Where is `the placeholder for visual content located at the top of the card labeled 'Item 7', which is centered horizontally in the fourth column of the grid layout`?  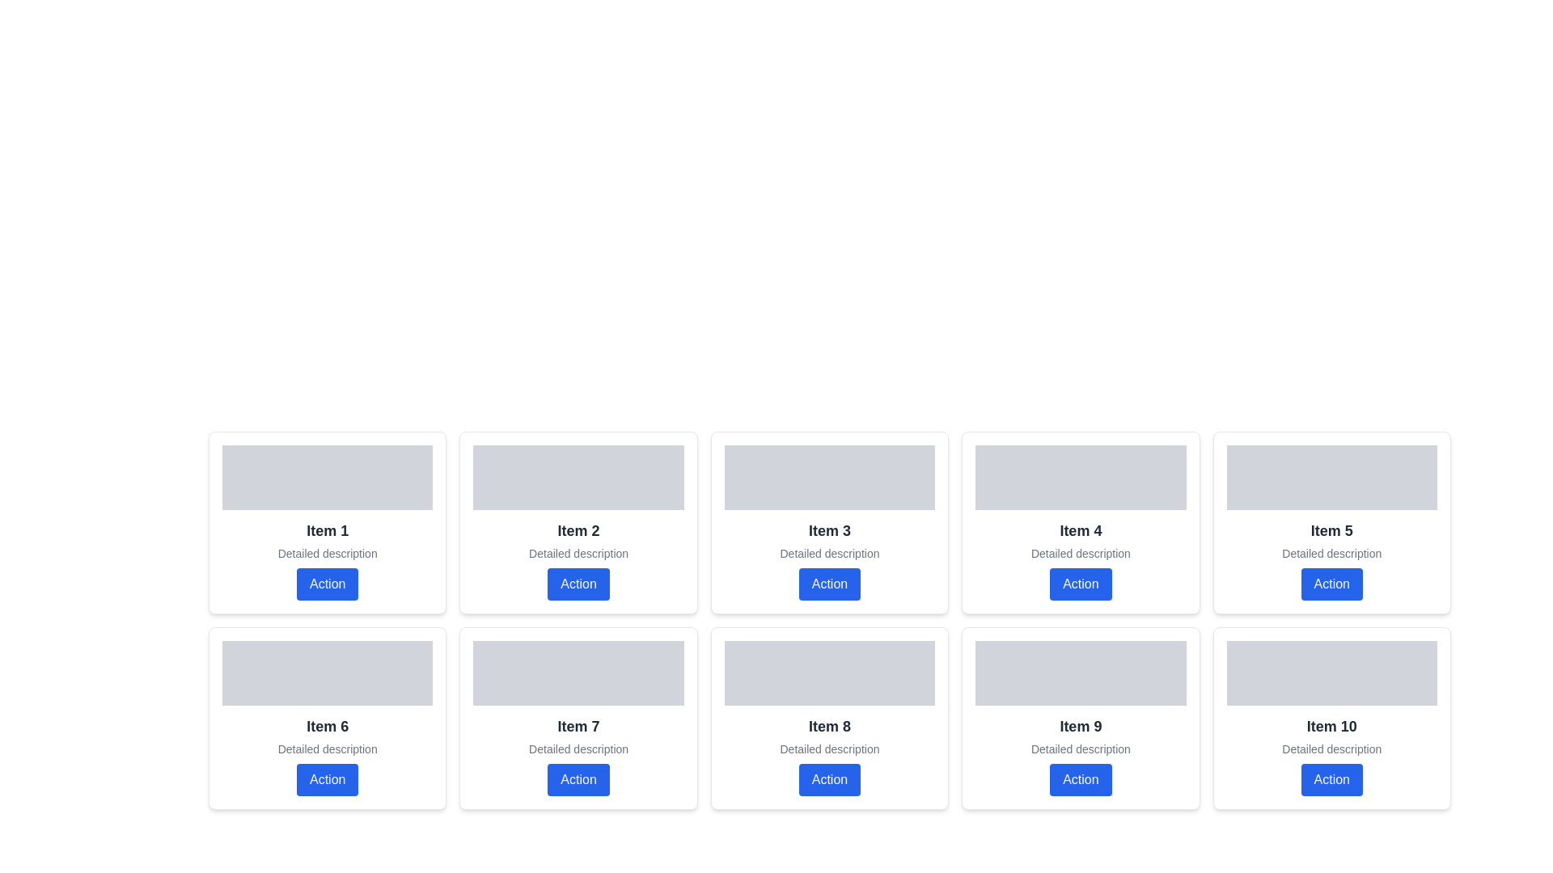 the placeholder for visual content located at the top of the card labeled 'Item 7', which is centered horizontally in the fourth column of the grid layout is located at coordinates (578, 673).